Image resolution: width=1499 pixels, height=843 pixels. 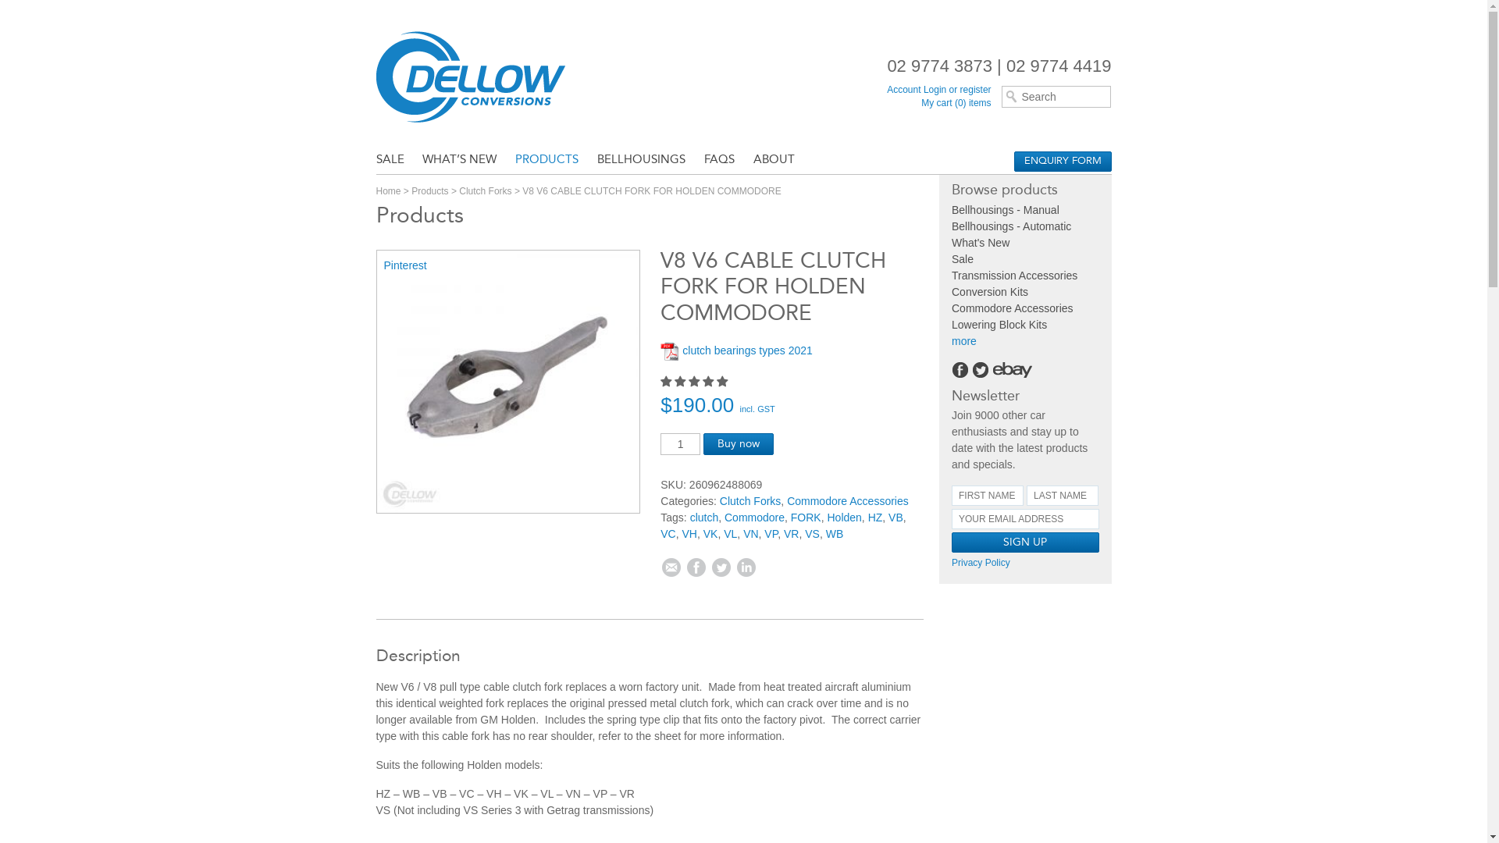 I want to click on 'Conversion Kits', so click(x=951, y=292).